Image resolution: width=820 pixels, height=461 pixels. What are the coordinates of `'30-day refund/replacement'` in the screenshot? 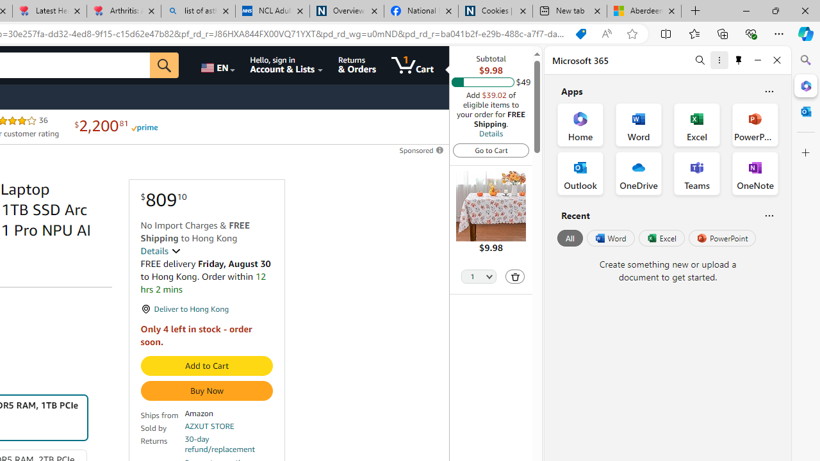 It's located at (229, 444).